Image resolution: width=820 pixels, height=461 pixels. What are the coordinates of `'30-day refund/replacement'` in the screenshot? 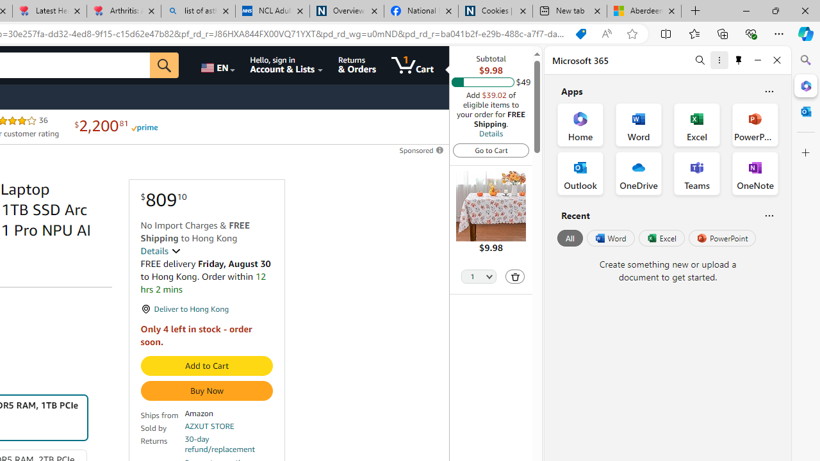 It's located at (229, 444).